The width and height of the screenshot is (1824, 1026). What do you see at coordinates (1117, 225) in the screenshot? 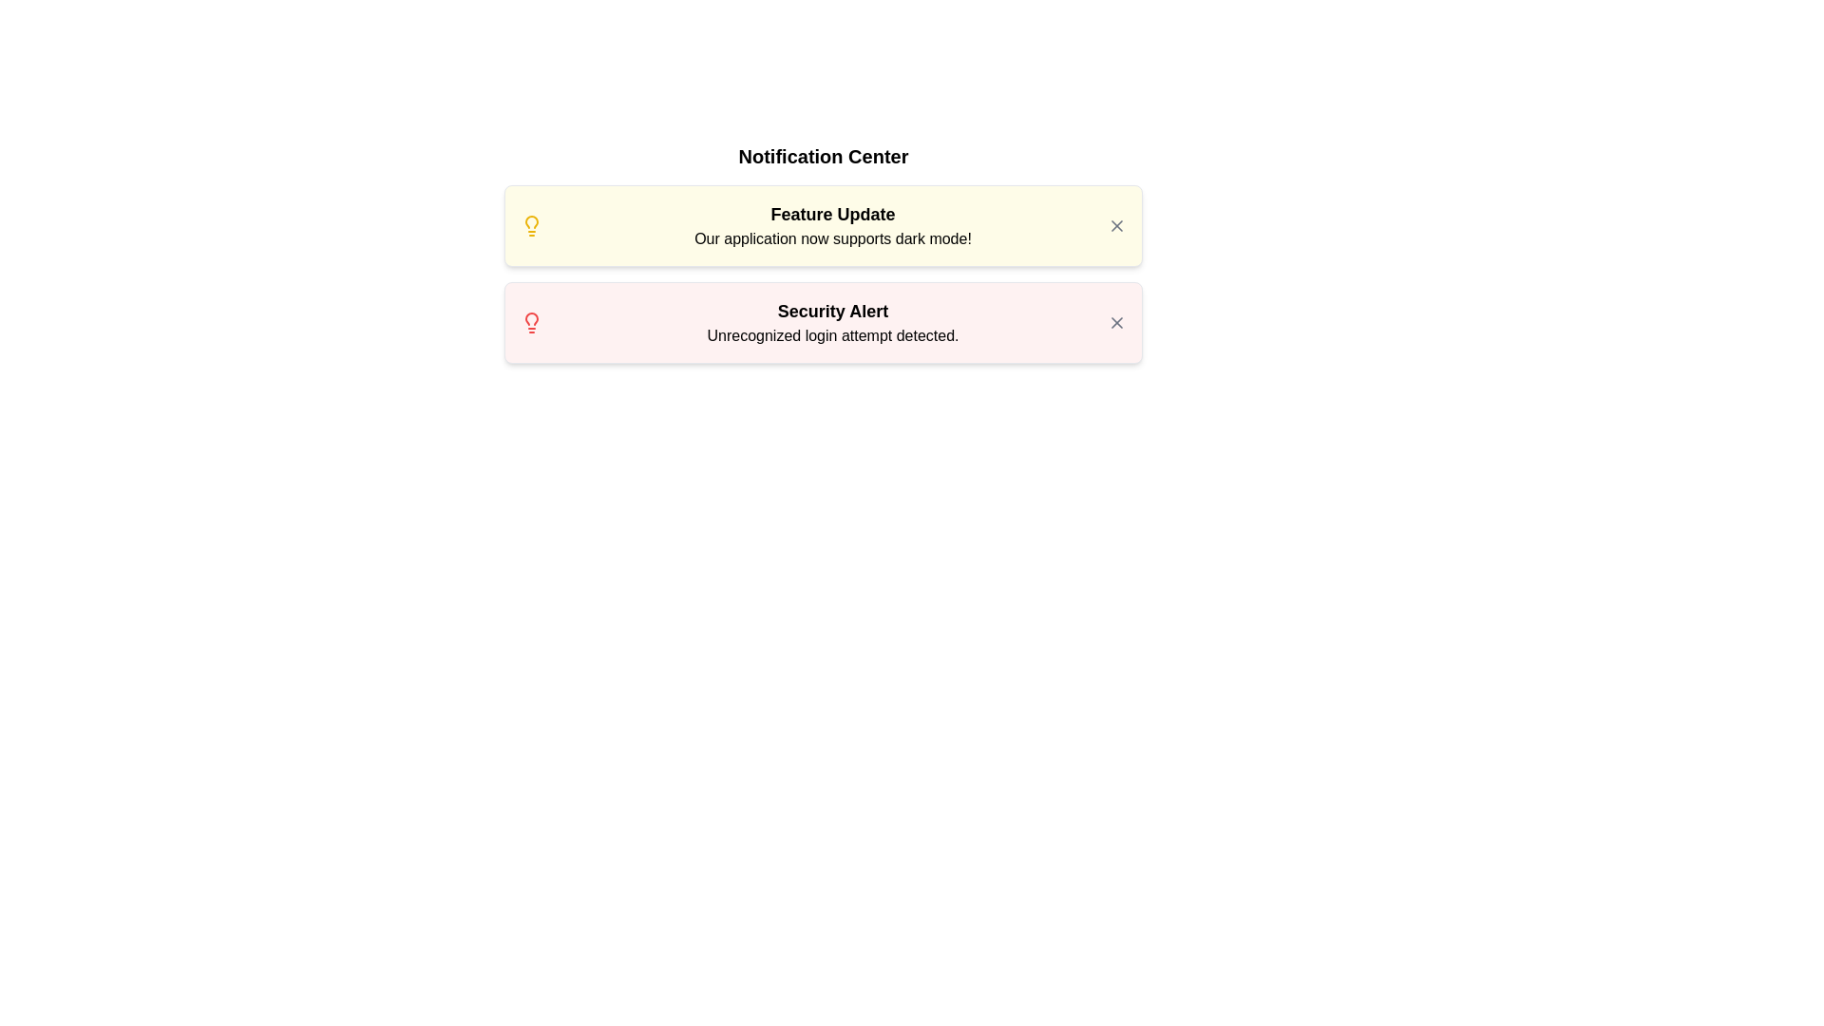
I see `the close button represented by an 'X' icon located at the top-right corner of the yellow-highlighted notification card titled 'Feature Update'` at bounding box center [1117, 225].